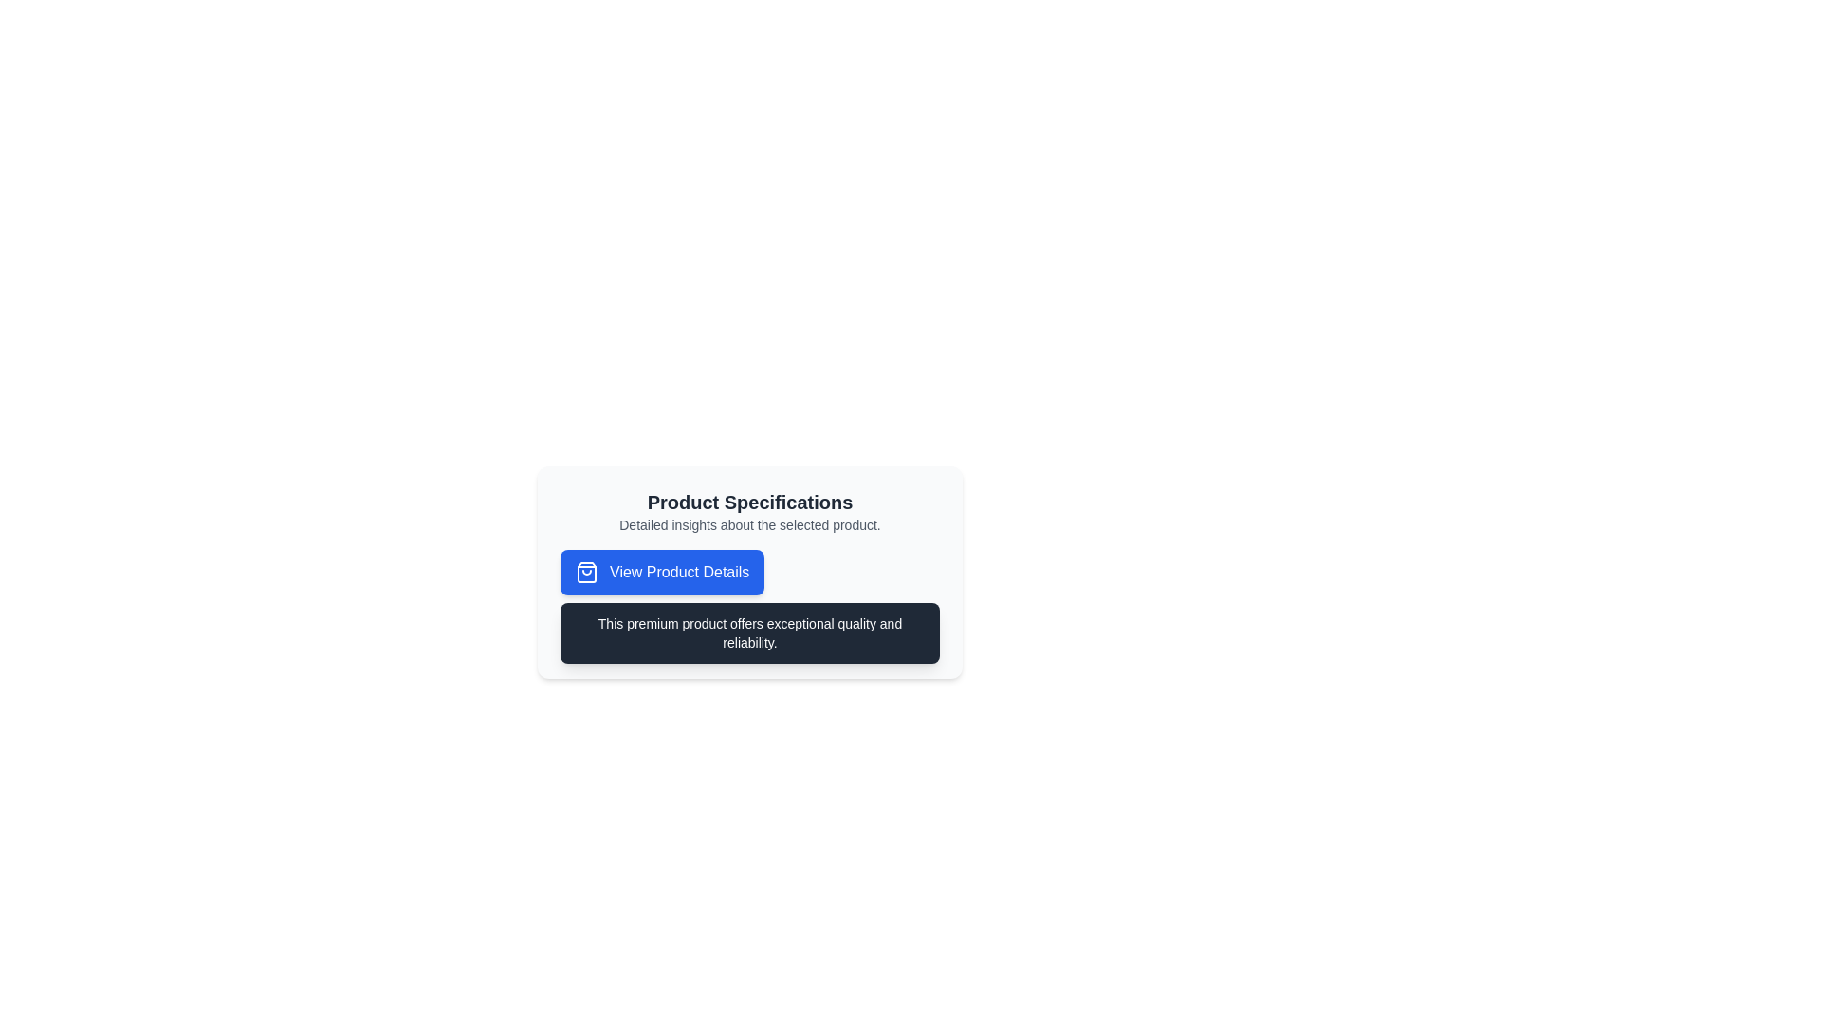 The width and height of the screenshot is (1821, 1024). I want to click on the shopping bag icon with a blue background, which is part of the 'View Product Details' button and located to the left of the text, so click(586, 572).